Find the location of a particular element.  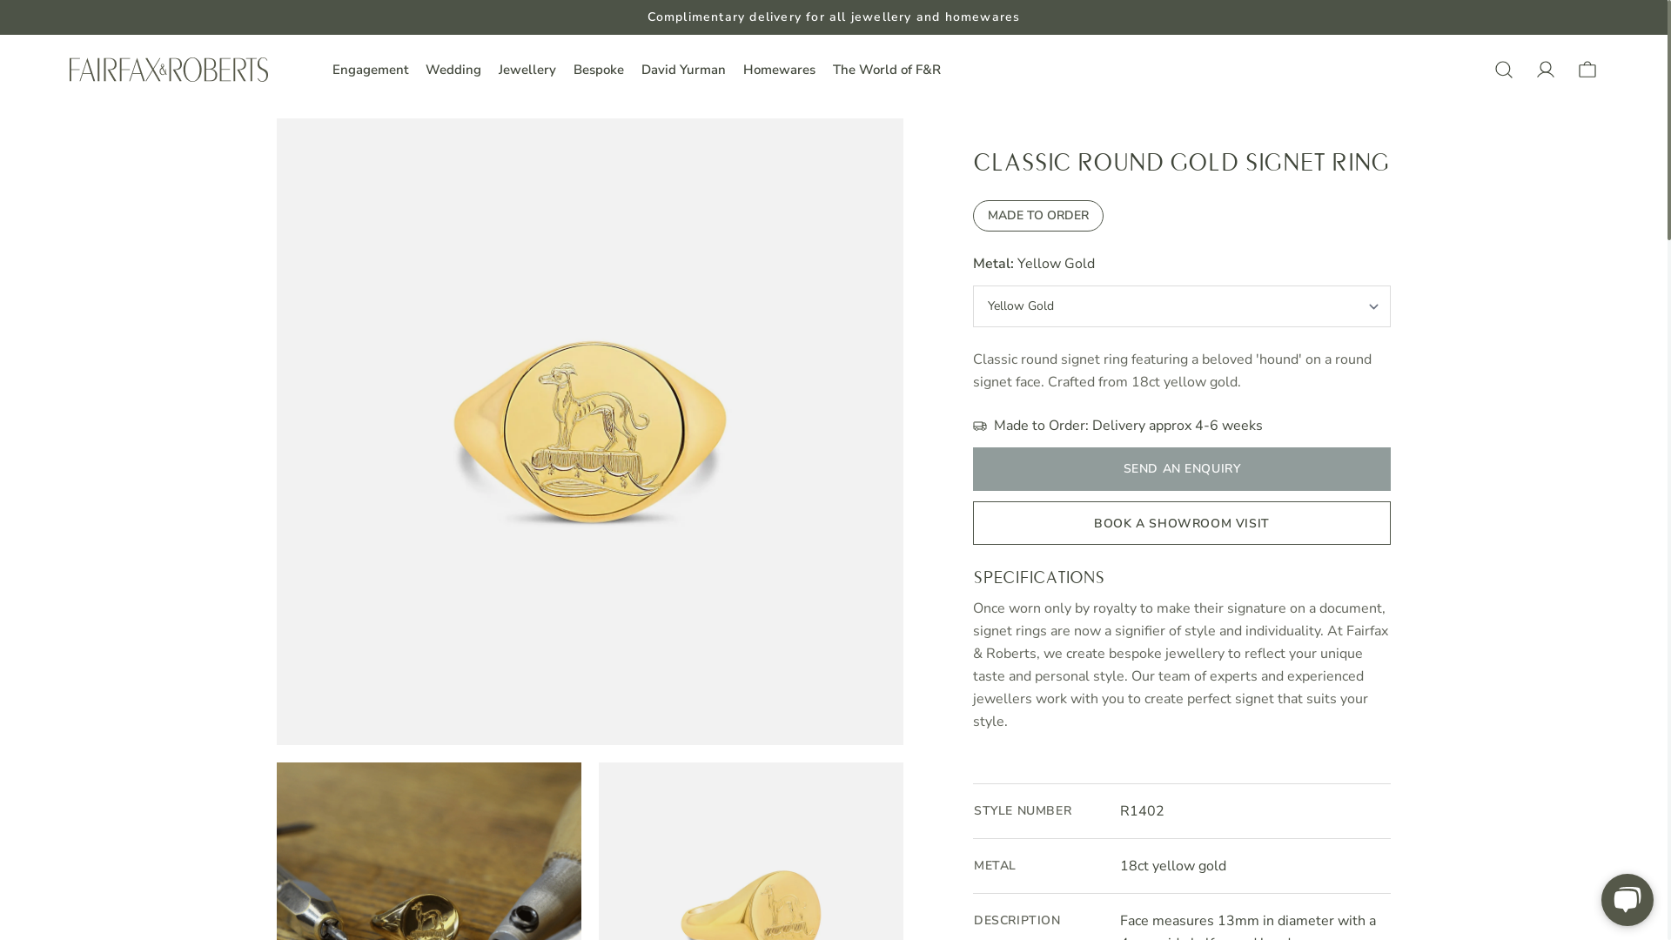

'Engagement' is located at coordinates (369, 69).